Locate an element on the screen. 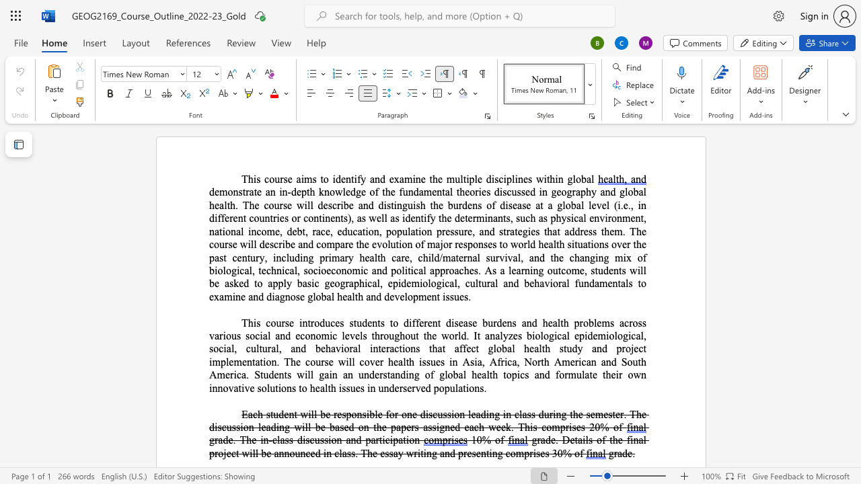  the space between the continuous character "c" and "i" in the text is located at coordinates (502, 178).